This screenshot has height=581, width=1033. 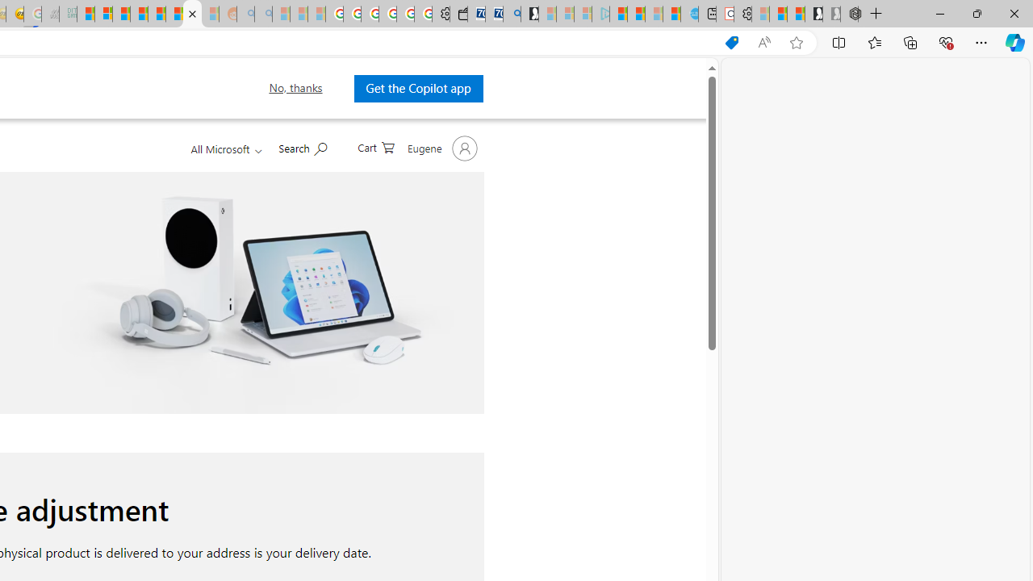 What do you see at coordinates (848, 14) in the screenshot?
I see `'Nordace - Nordace Siena Is Not An Ordinary Backpack'` at bounding box center [848, 14].